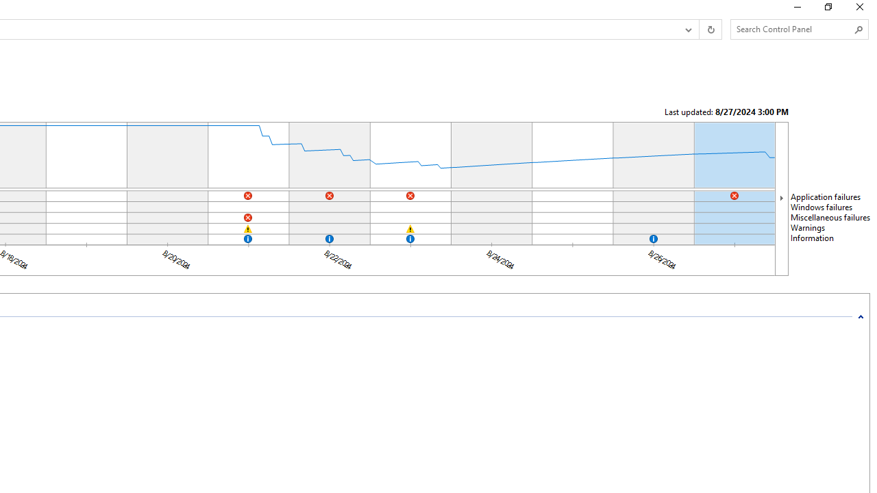 This screenshot has width=877, height=493. What do you see at coordinates (793, 29) in the screenshot?
I see `'Search Box'` at bounding box center [793, 29].